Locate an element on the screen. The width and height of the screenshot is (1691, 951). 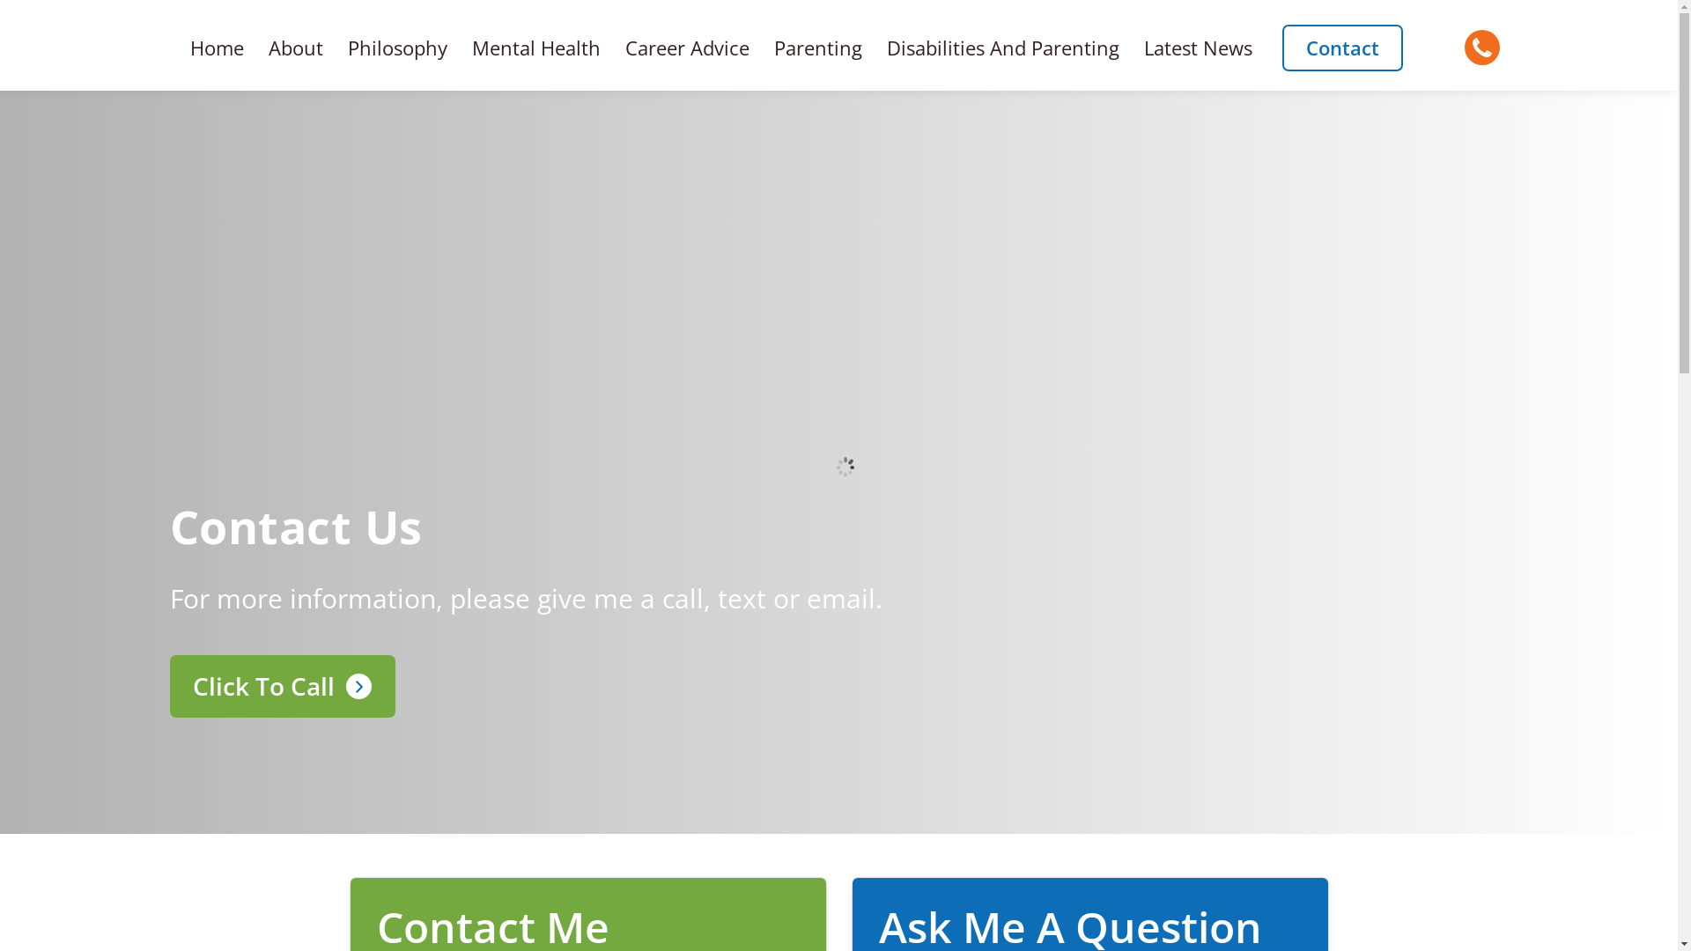
'Philosophy' is located at coordinates (335, 47).